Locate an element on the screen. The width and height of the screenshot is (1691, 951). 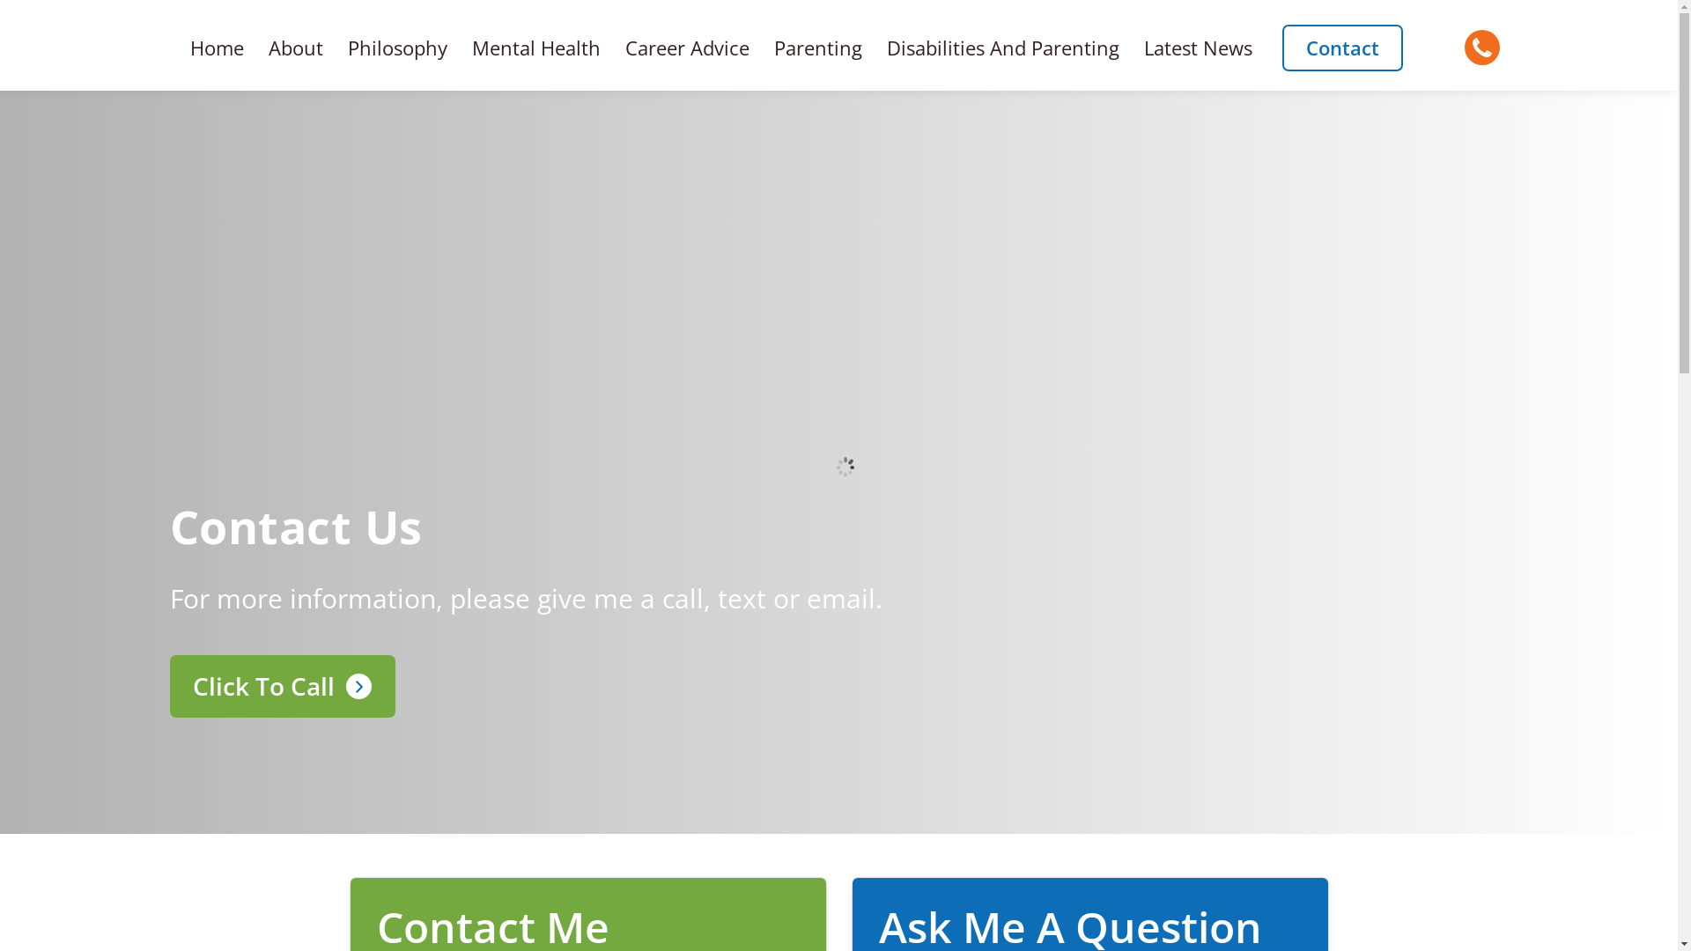
'Philosophy' is located at coordinates (335, 47).